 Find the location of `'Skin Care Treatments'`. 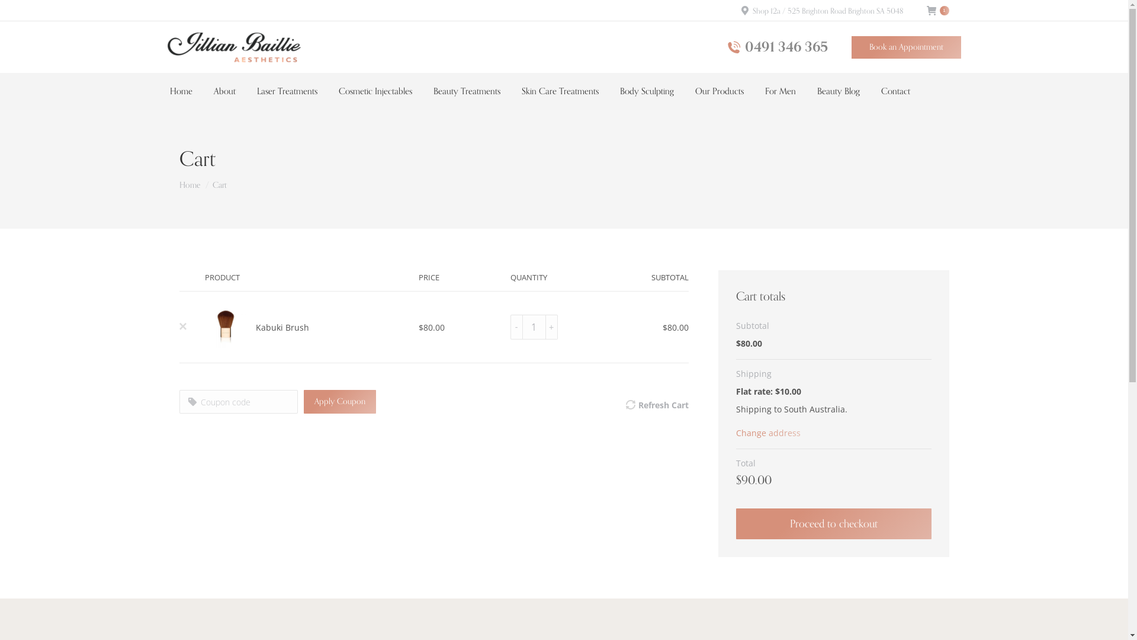

'Skin Care Treatments' is located at coordinates (559, 91).